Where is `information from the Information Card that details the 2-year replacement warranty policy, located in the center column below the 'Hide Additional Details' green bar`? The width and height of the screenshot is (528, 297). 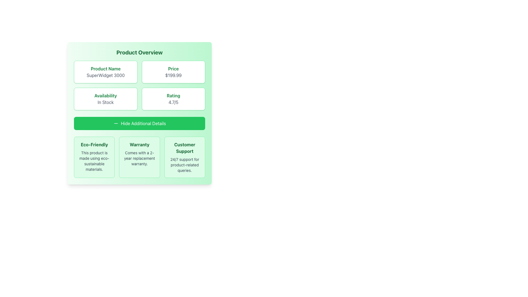 information from the Information Card that details the 2-year replacement warranty policy, located in the center column below the 'Hide Additional Details' green bar is located at coordinates (139, 157).